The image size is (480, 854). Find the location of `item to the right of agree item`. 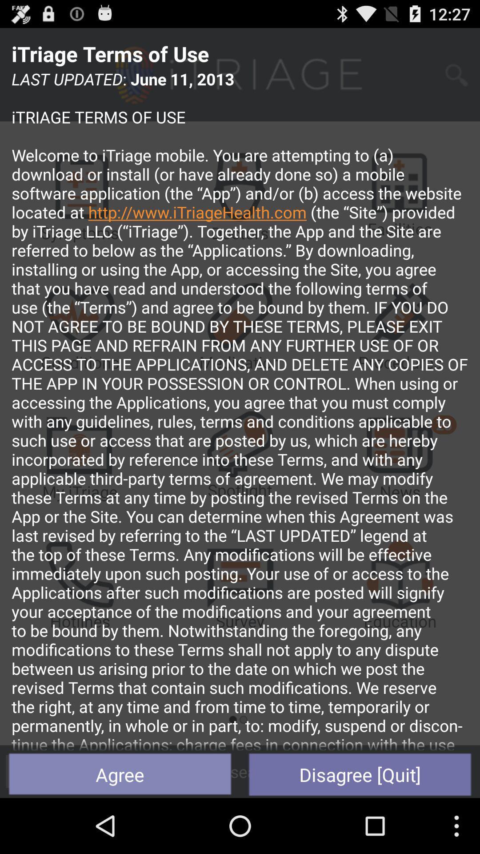

item to the right of agree item is located at coordinates (360, 774).